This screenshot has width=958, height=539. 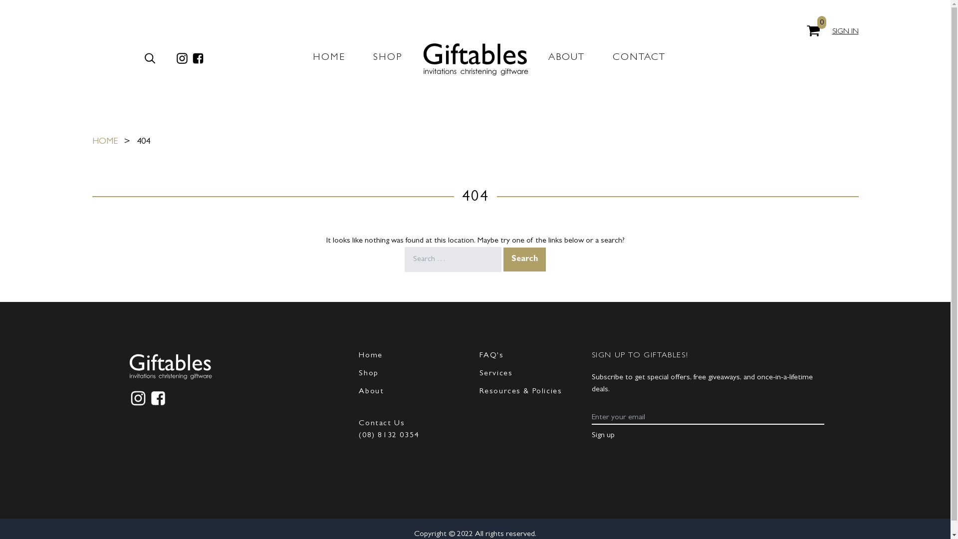 I want to click on 'SIGN IN', so click(x=845, y=31).